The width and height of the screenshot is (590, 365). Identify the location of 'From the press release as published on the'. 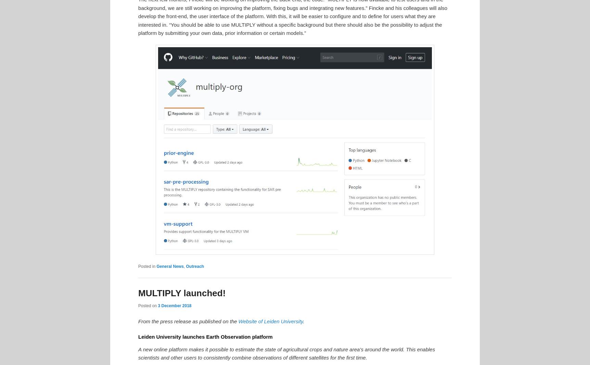
(188, 321).